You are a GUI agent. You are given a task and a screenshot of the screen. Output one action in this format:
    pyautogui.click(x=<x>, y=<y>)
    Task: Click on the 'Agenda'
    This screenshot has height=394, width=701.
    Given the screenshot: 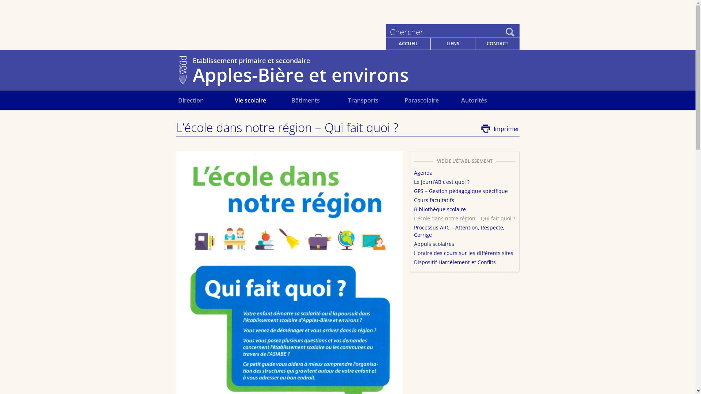 What is the action you would take?
    pyautogui.click(x=423, y=173)
    